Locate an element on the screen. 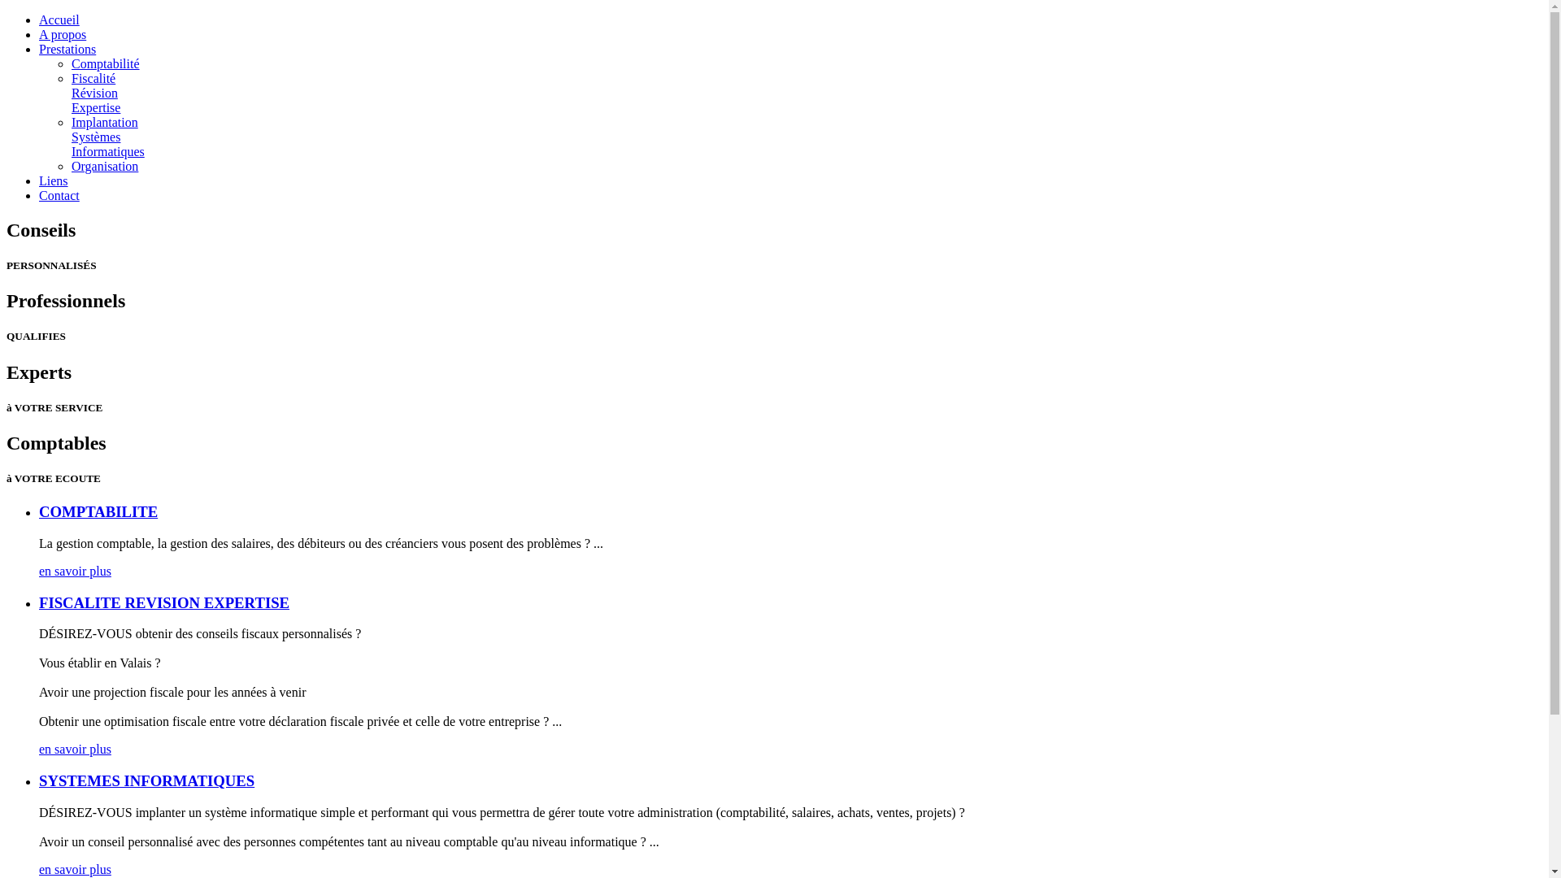 Image resolution: width=1561 pixels, height=878 pixels. 'FISCALITE REVISION EXPERTISE' is located at coordinates (39, 602).